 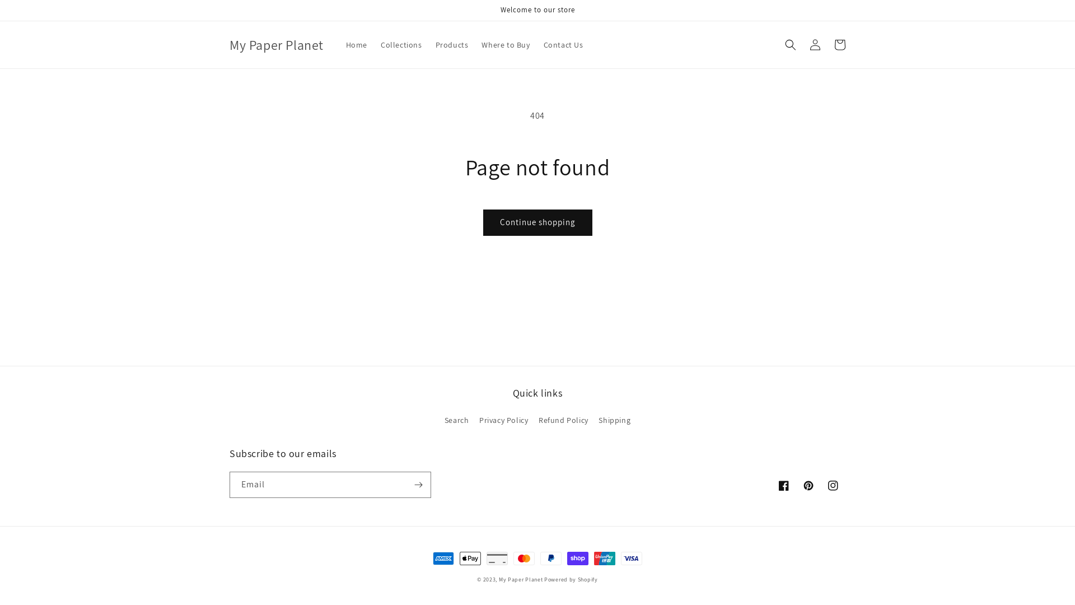 What do you see at coordinates (276, 44) in the screenshot?
I see `'My Paper Planet'` at bounding box center [276, 44].